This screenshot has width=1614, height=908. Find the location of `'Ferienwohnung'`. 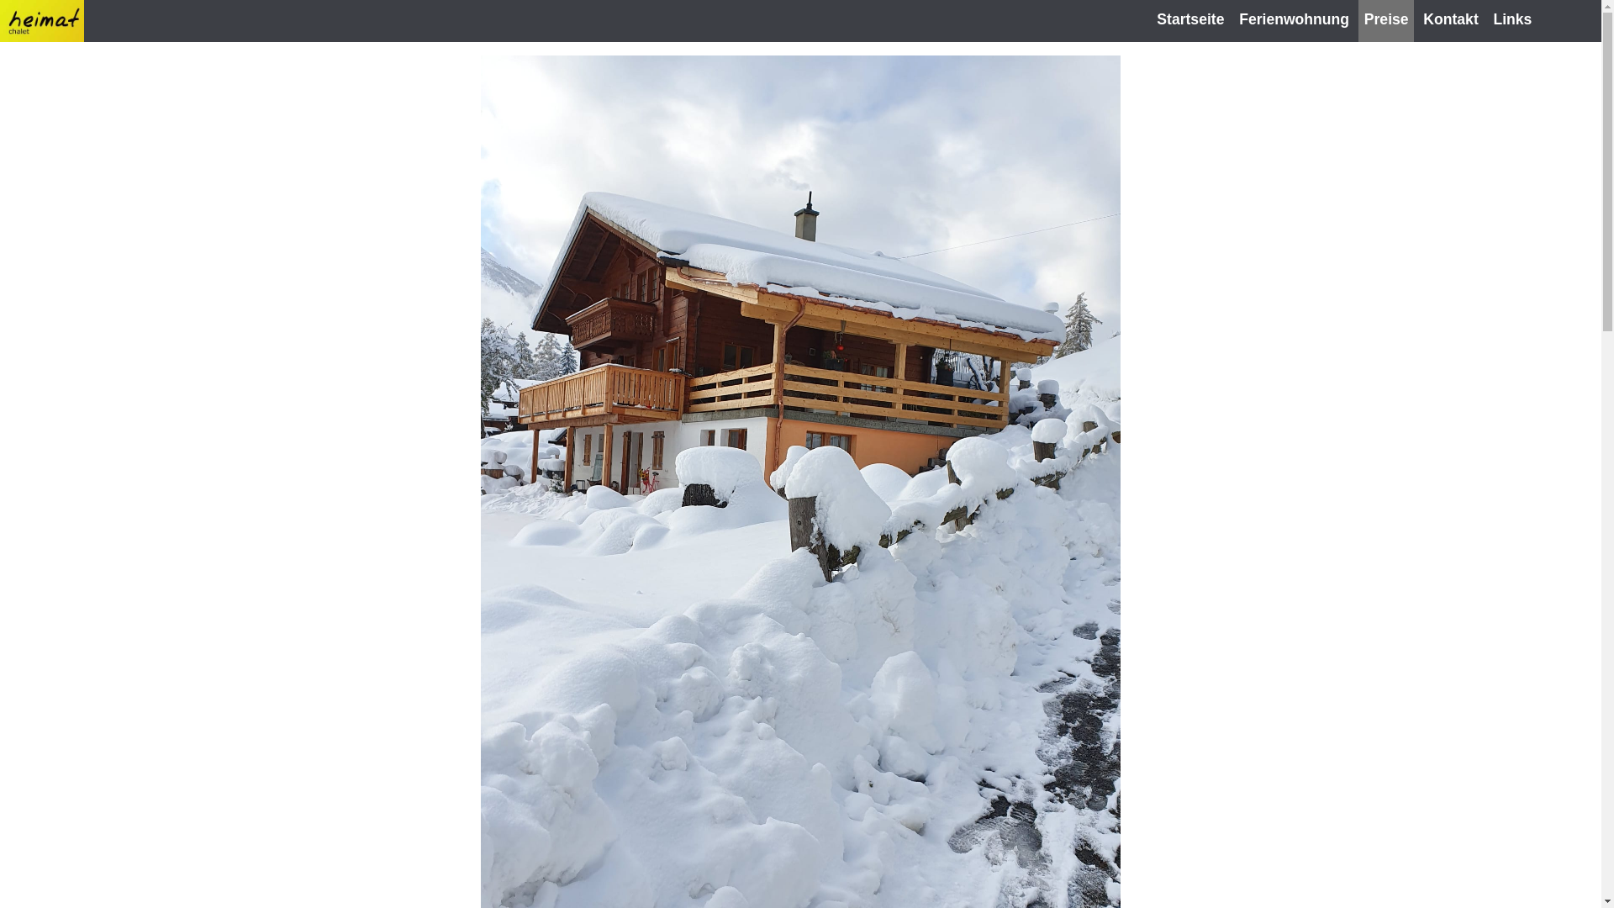

'Ferienwohnung' is located at coordinates (1293, 19).